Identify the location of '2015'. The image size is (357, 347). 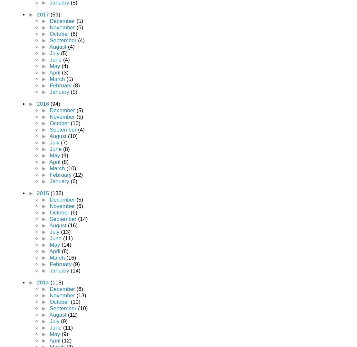
(43, 193).